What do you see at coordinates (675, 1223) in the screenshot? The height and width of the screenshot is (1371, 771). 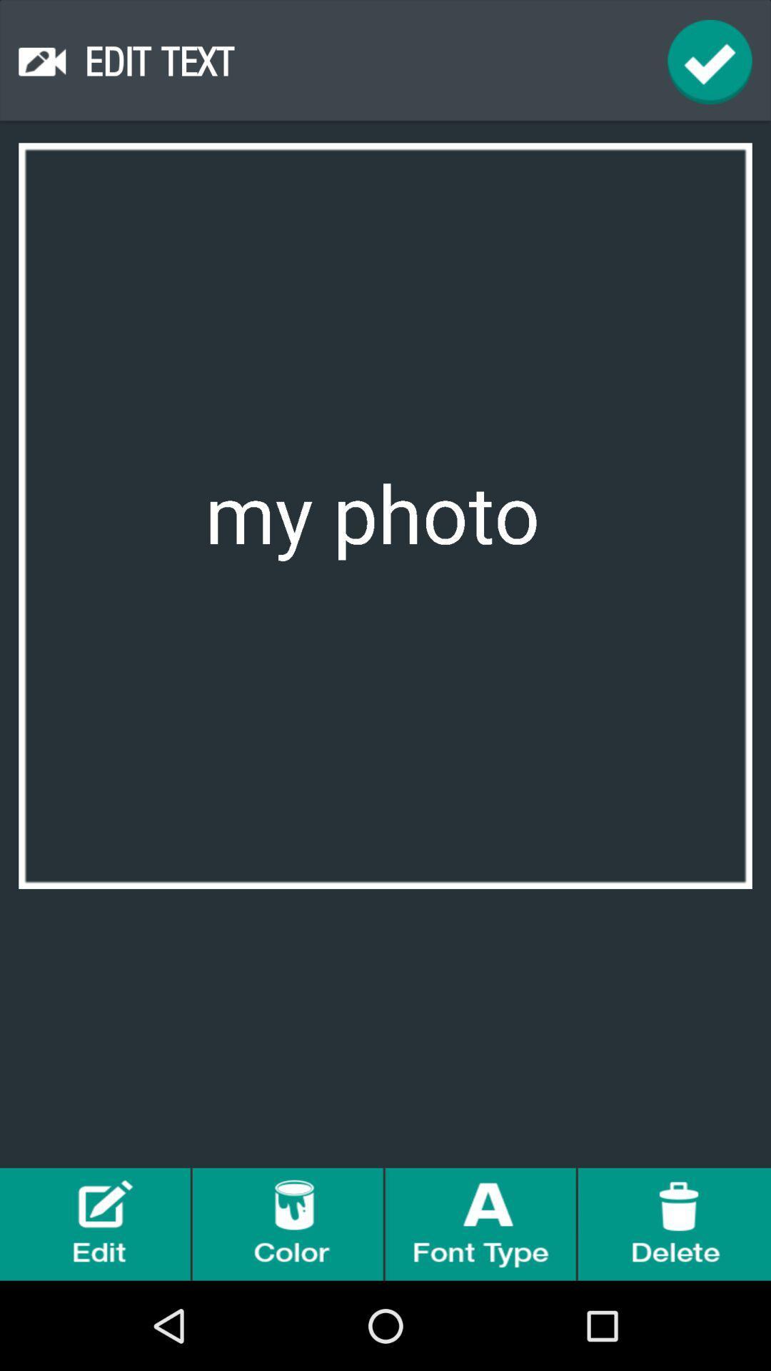 I see `delete option` at bounding box center [675, 1223].